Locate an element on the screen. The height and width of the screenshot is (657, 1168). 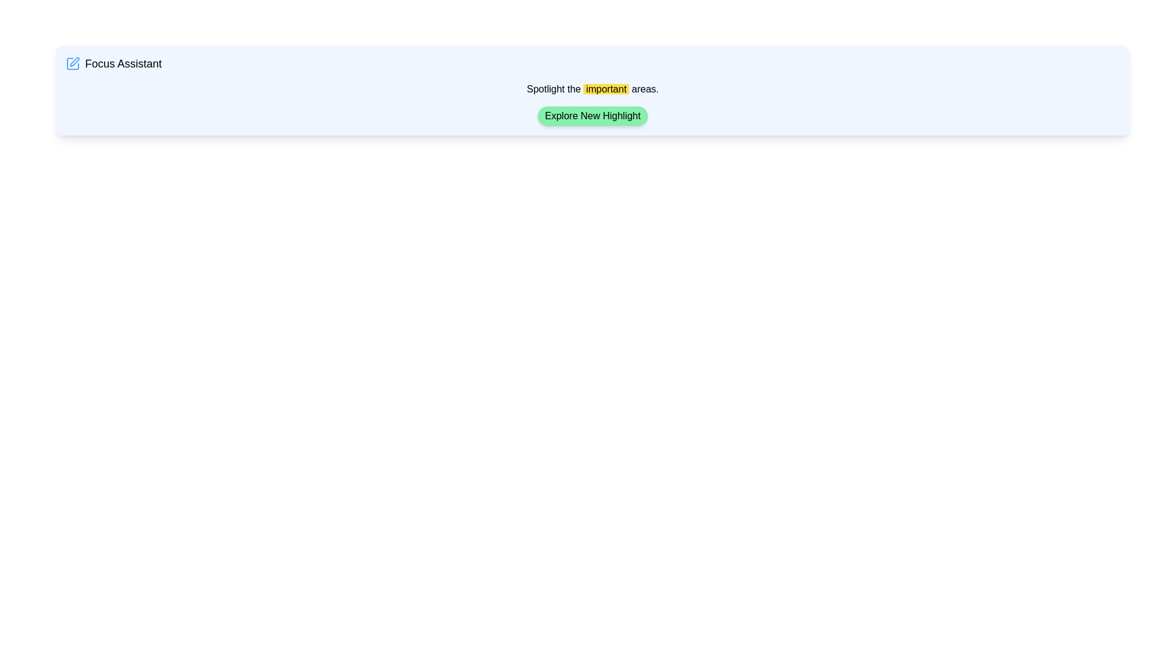
the edit icon within the 'Focus Assistant' component is located at coordinates (72, 63).